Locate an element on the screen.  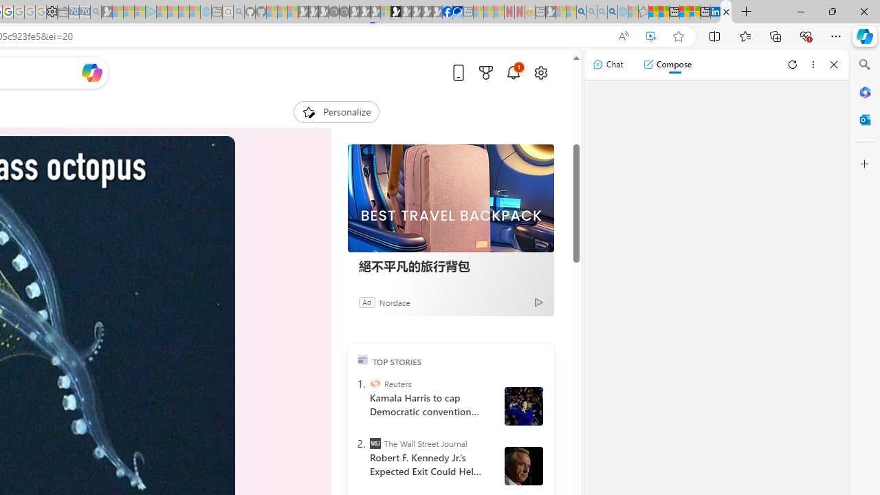
'Reuters' is located at coordinates (375, 384).